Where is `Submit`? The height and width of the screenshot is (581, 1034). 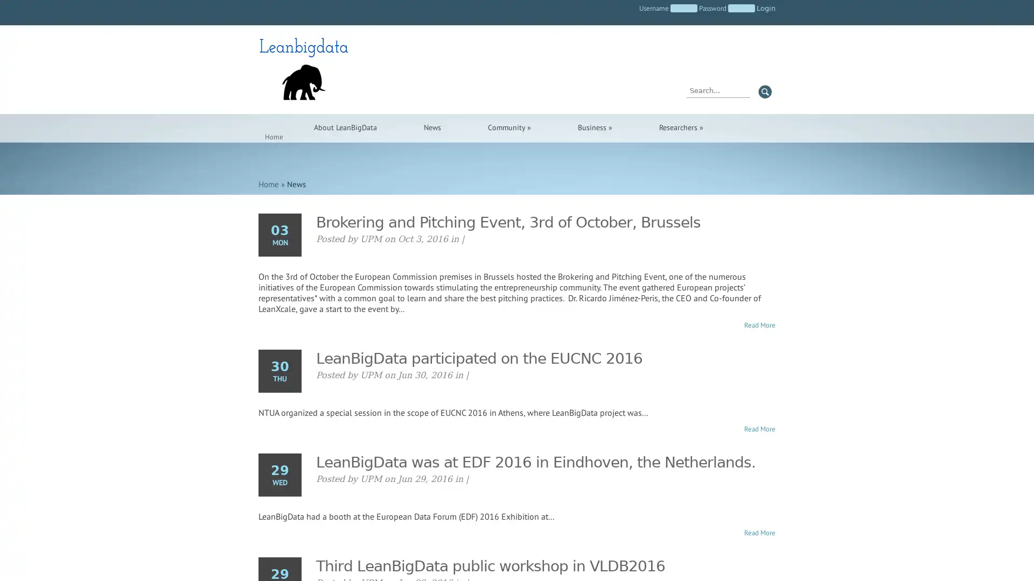
Submit is located at coordinates (764, 91).